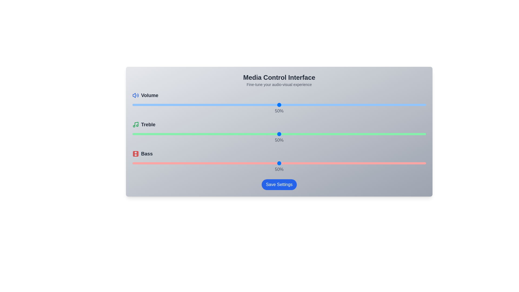  I want to click on text from the title and subtitle Text block located at the top center of the interface, which describes the functionalities offered, so click(279, 80).